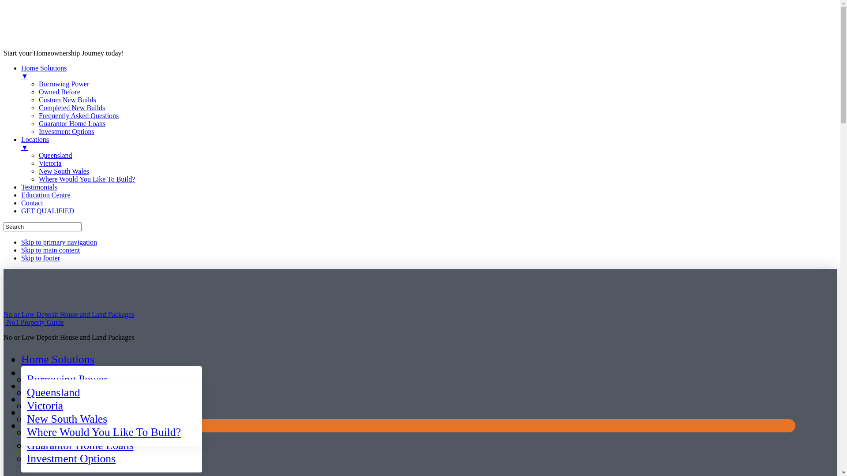 The height and width of the screenshot is (476, 847). What do you see at coordinates (50, 250) in the screenshot?
I see `'Skip to main content'` at bounding box center [50, 250].